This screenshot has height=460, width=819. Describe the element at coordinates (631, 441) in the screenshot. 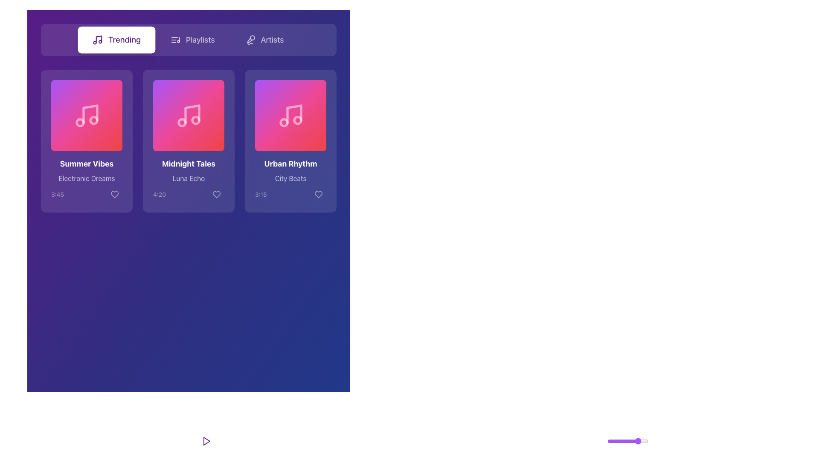

I see `the slider` at that location.